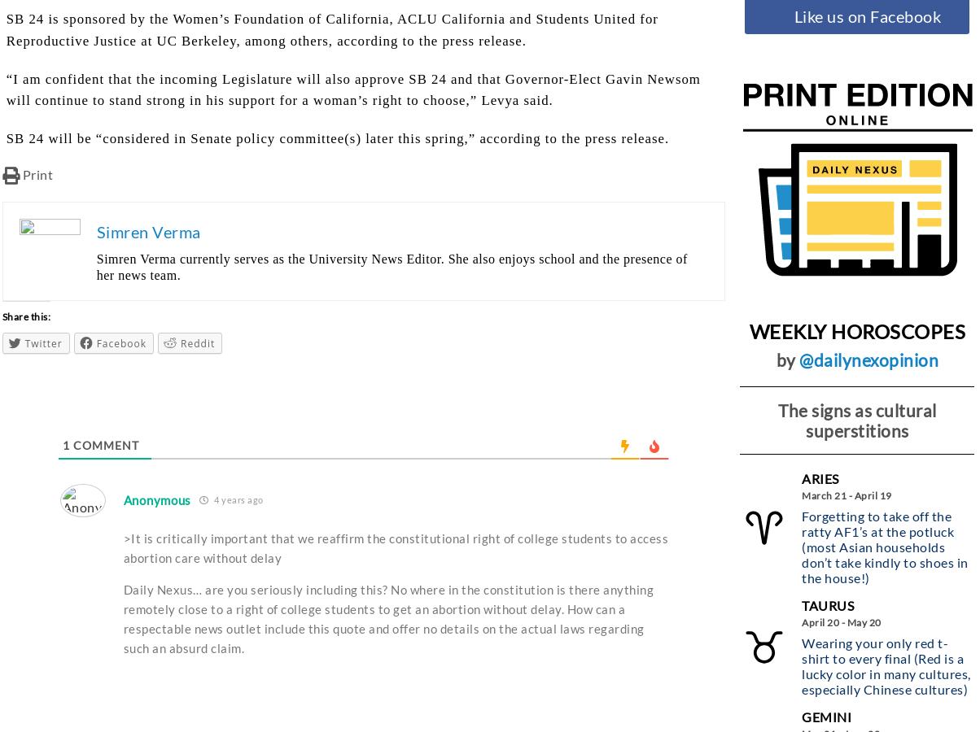  Describe the element at coordinates (5, 138) in the screenshot. I see `'SB 24 will be “considered in Senate policy committee(s) later this spring,” according to the press release.'` at that location.